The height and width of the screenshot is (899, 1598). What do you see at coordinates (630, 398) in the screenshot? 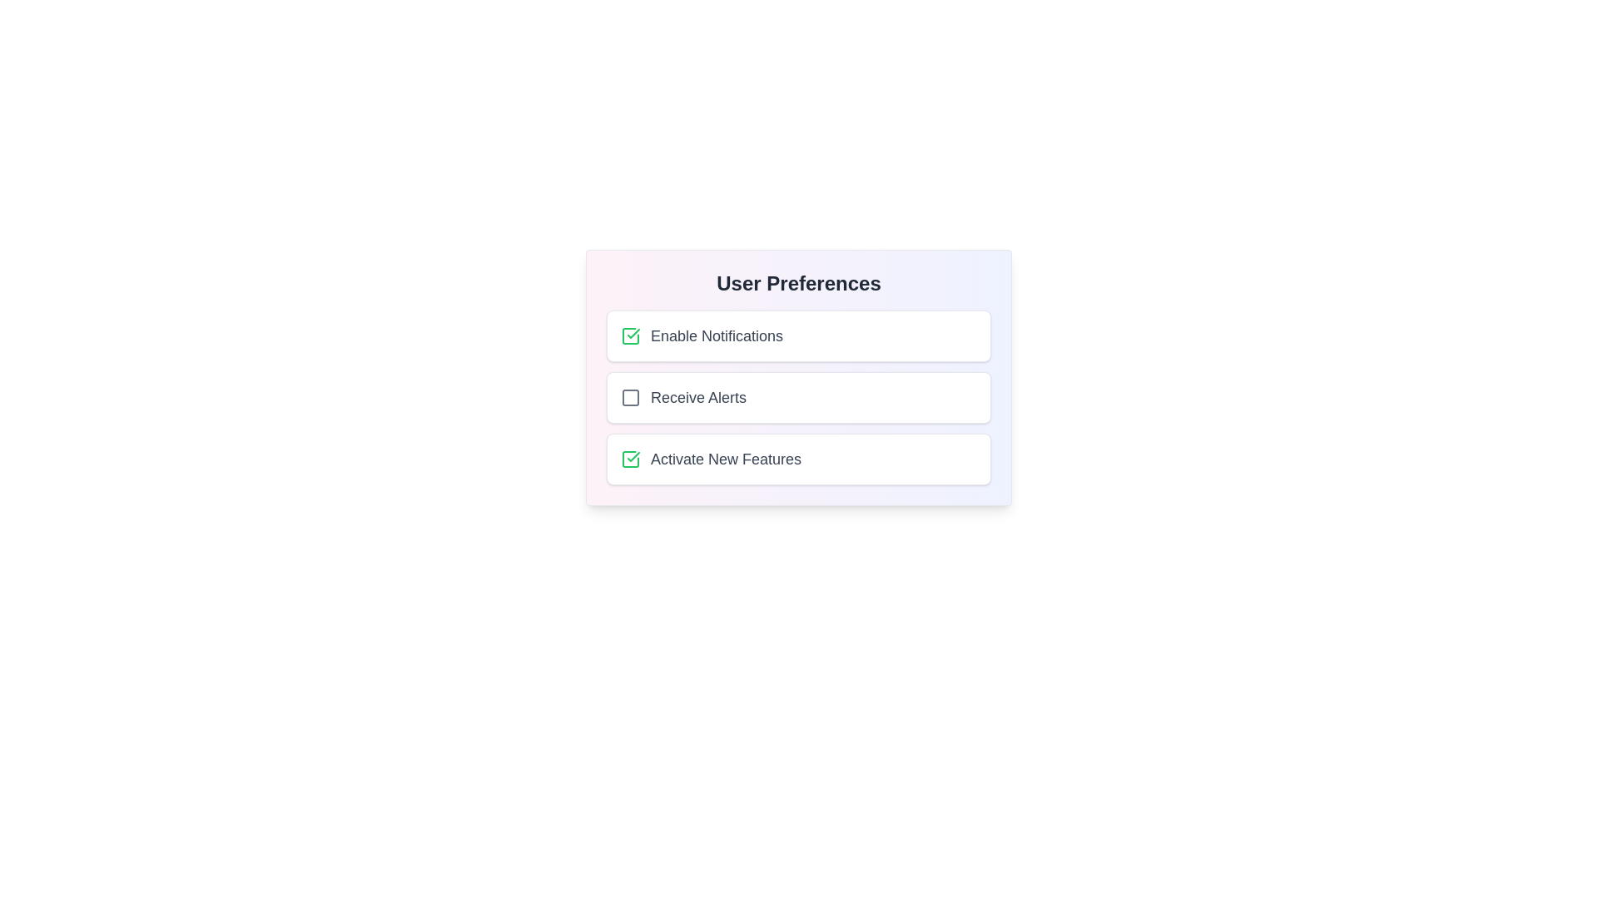
I see `the unchecked red checkbox icon located to the left of the 'Receive Alerts' text in the user preferences card` at bounding box center [630, 398].